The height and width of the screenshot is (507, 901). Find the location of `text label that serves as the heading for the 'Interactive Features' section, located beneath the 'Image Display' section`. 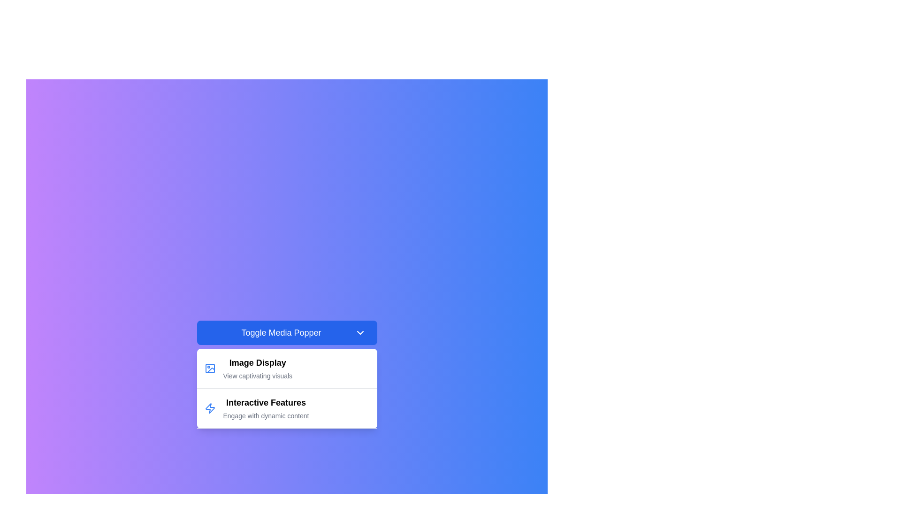

text label that serves as the heading for the 'Interactive Features' section, located beneath the 'Image Display' section is located at coordinates (265, 402).